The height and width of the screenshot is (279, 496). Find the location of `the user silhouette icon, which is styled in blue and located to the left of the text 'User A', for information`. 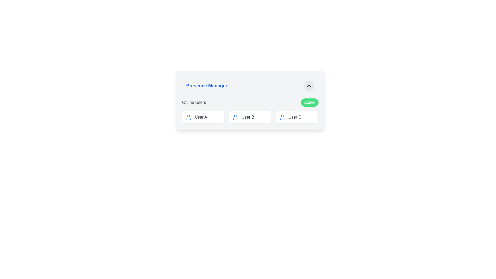

the user silhouette icon, which is styled in blue and located to the left of the text 'User A', for information is located at coordinates (188, 117).